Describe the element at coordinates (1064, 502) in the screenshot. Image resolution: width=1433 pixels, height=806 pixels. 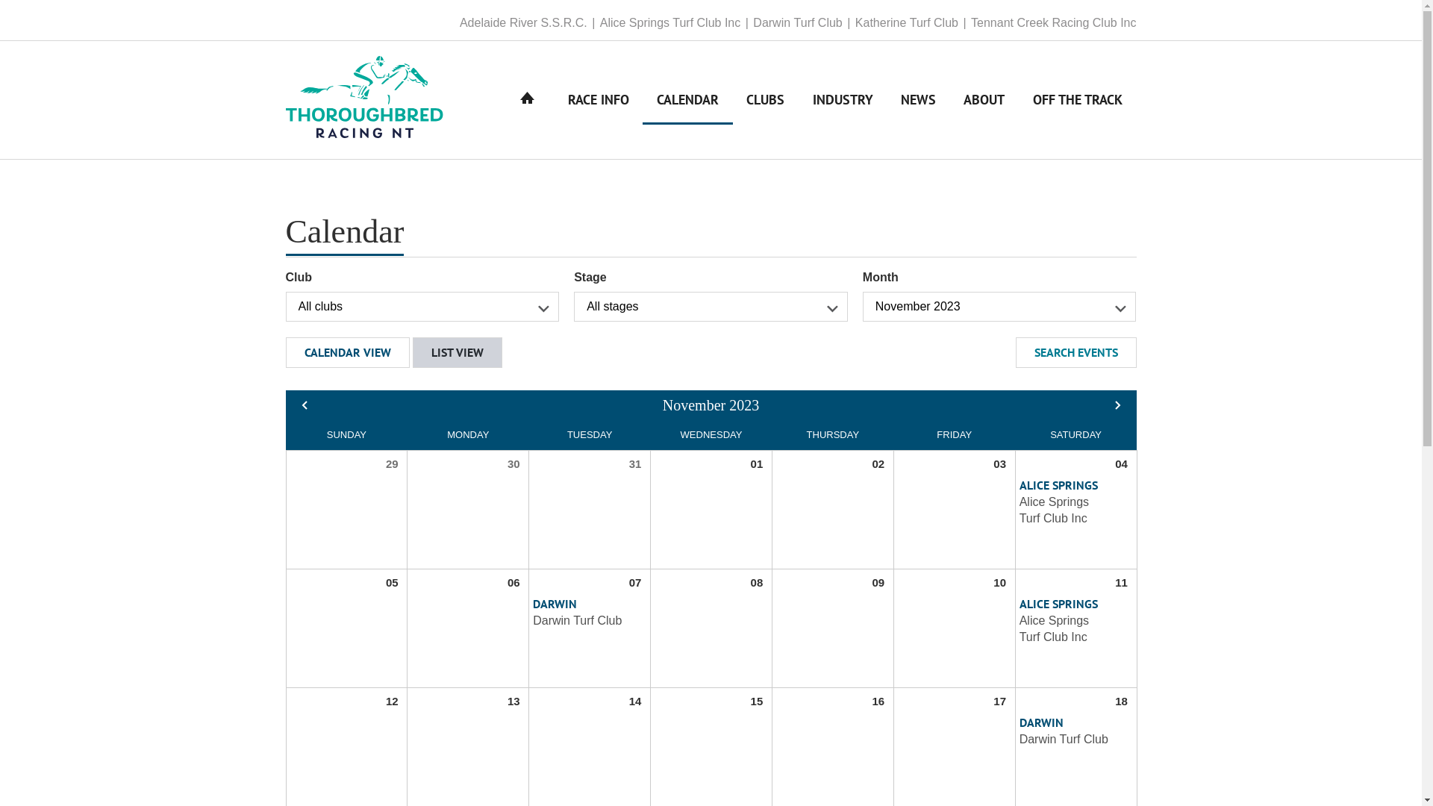
I see `'ALICE SPRINGS` at that location.